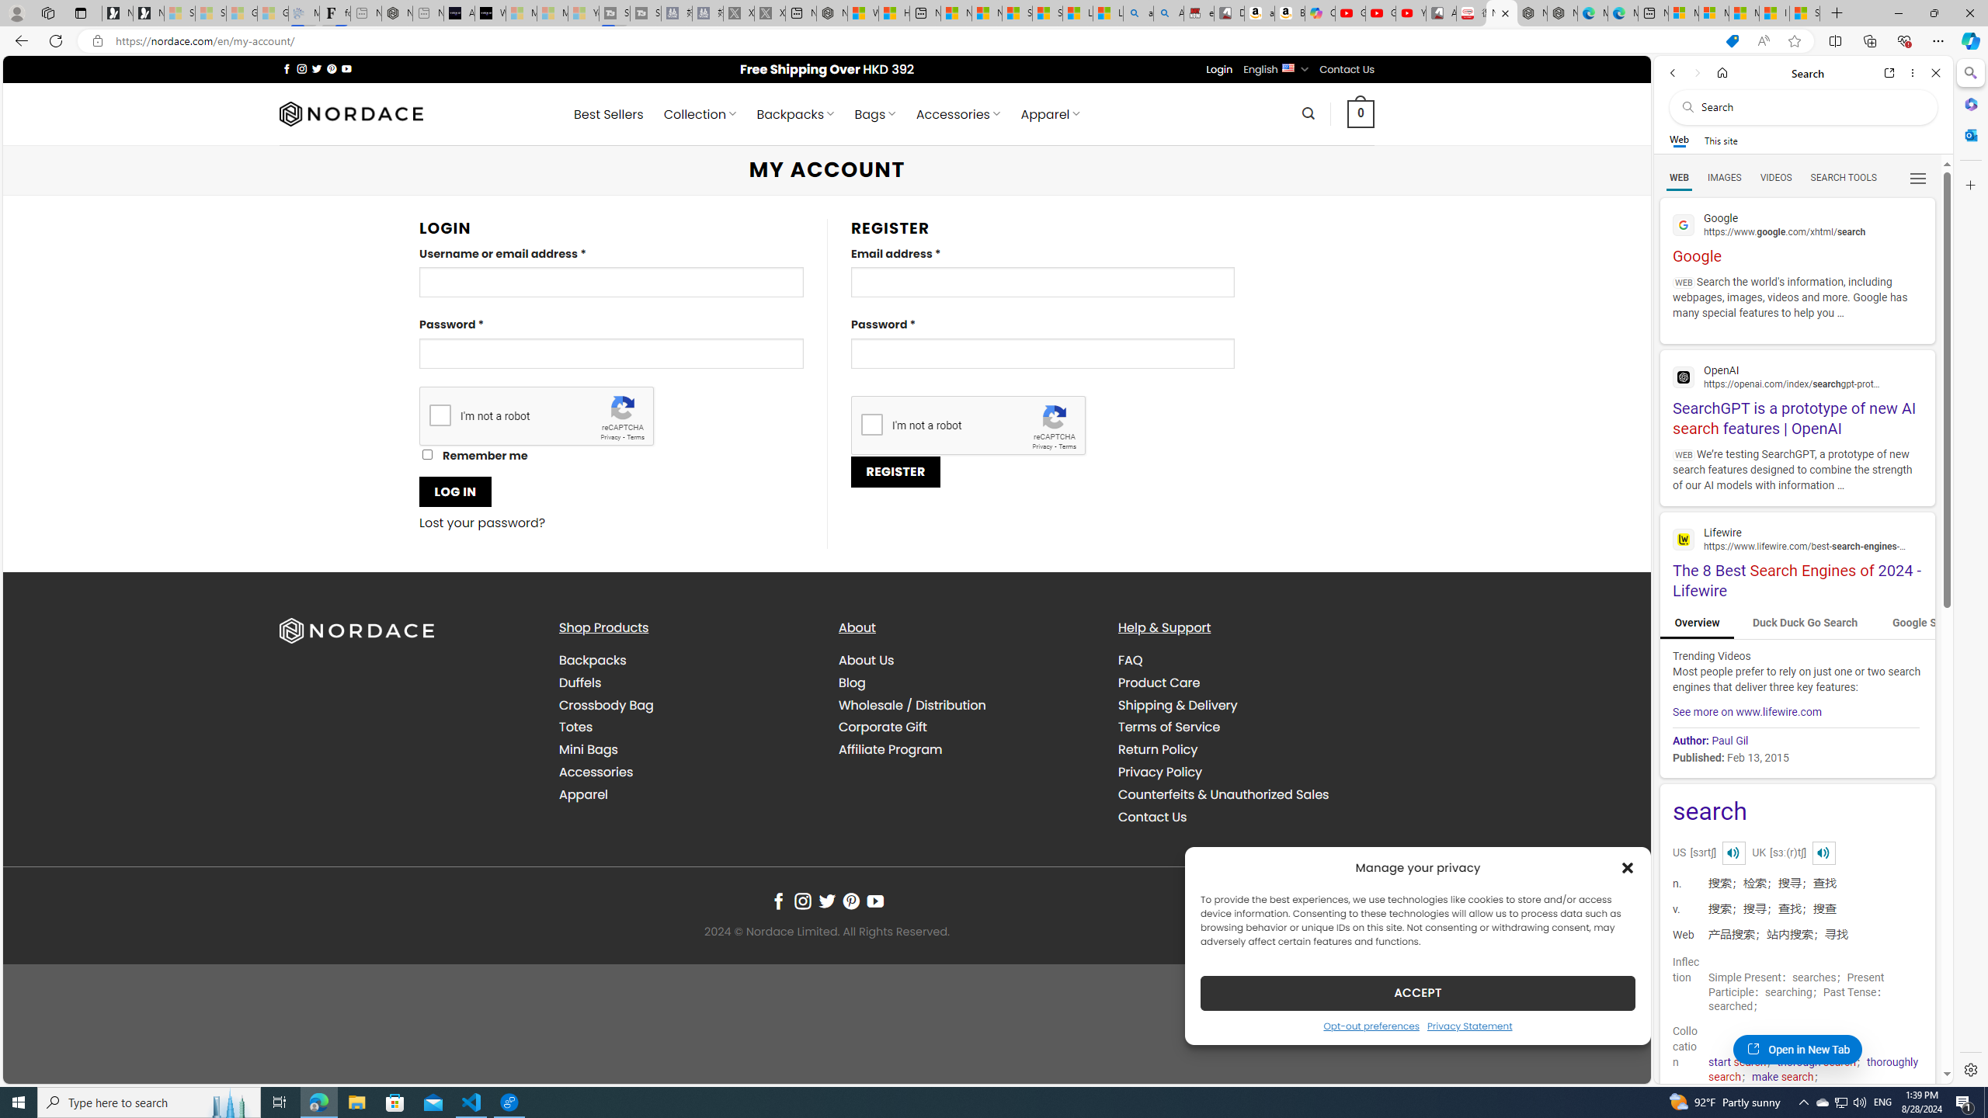 Image resolution: width=1988 pixels, height=1118 pixels. What do you see at coordinates (1913, 72) in the screenshot?
I see `'More options'` at bounding box center [1913, 72].